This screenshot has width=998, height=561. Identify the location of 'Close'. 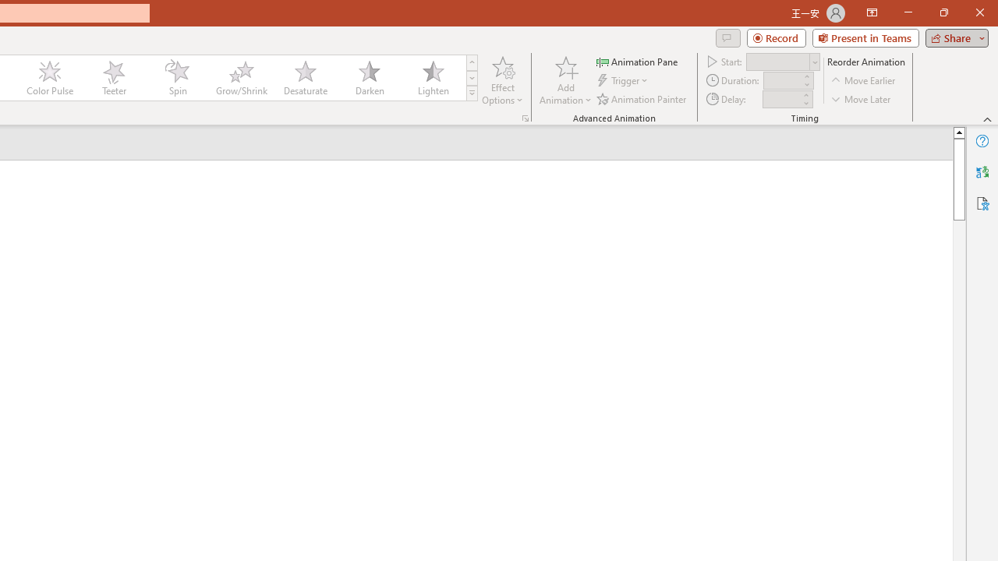
(979, 12).